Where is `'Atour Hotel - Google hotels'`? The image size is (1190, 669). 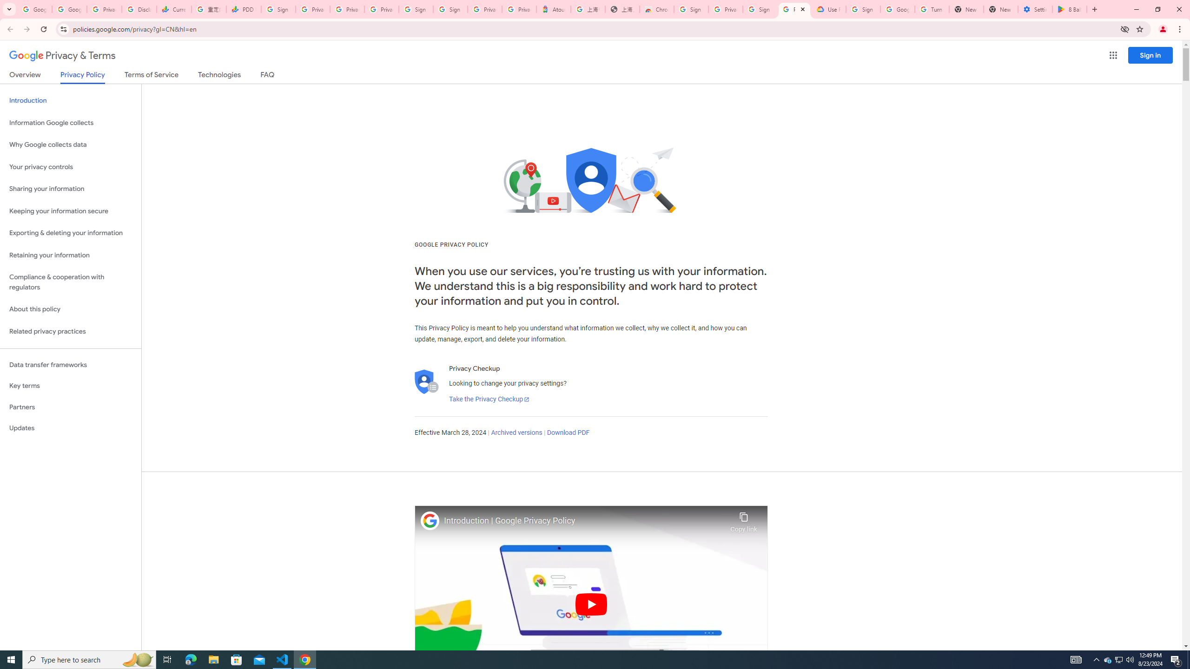
'Atour Hotel - Google hotels' is located at coordinates (553, 9).